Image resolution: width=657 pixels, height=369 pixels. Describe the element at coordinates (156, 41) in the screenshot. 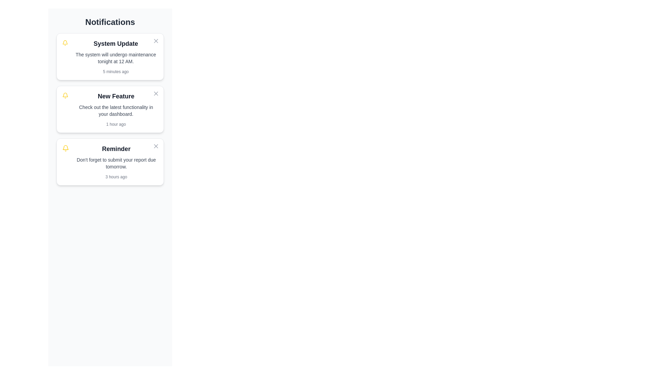

I see `the close button shaped like the letter 'X' located in the top-right corner of the first notification card next to the title 'System Update'` at that location.